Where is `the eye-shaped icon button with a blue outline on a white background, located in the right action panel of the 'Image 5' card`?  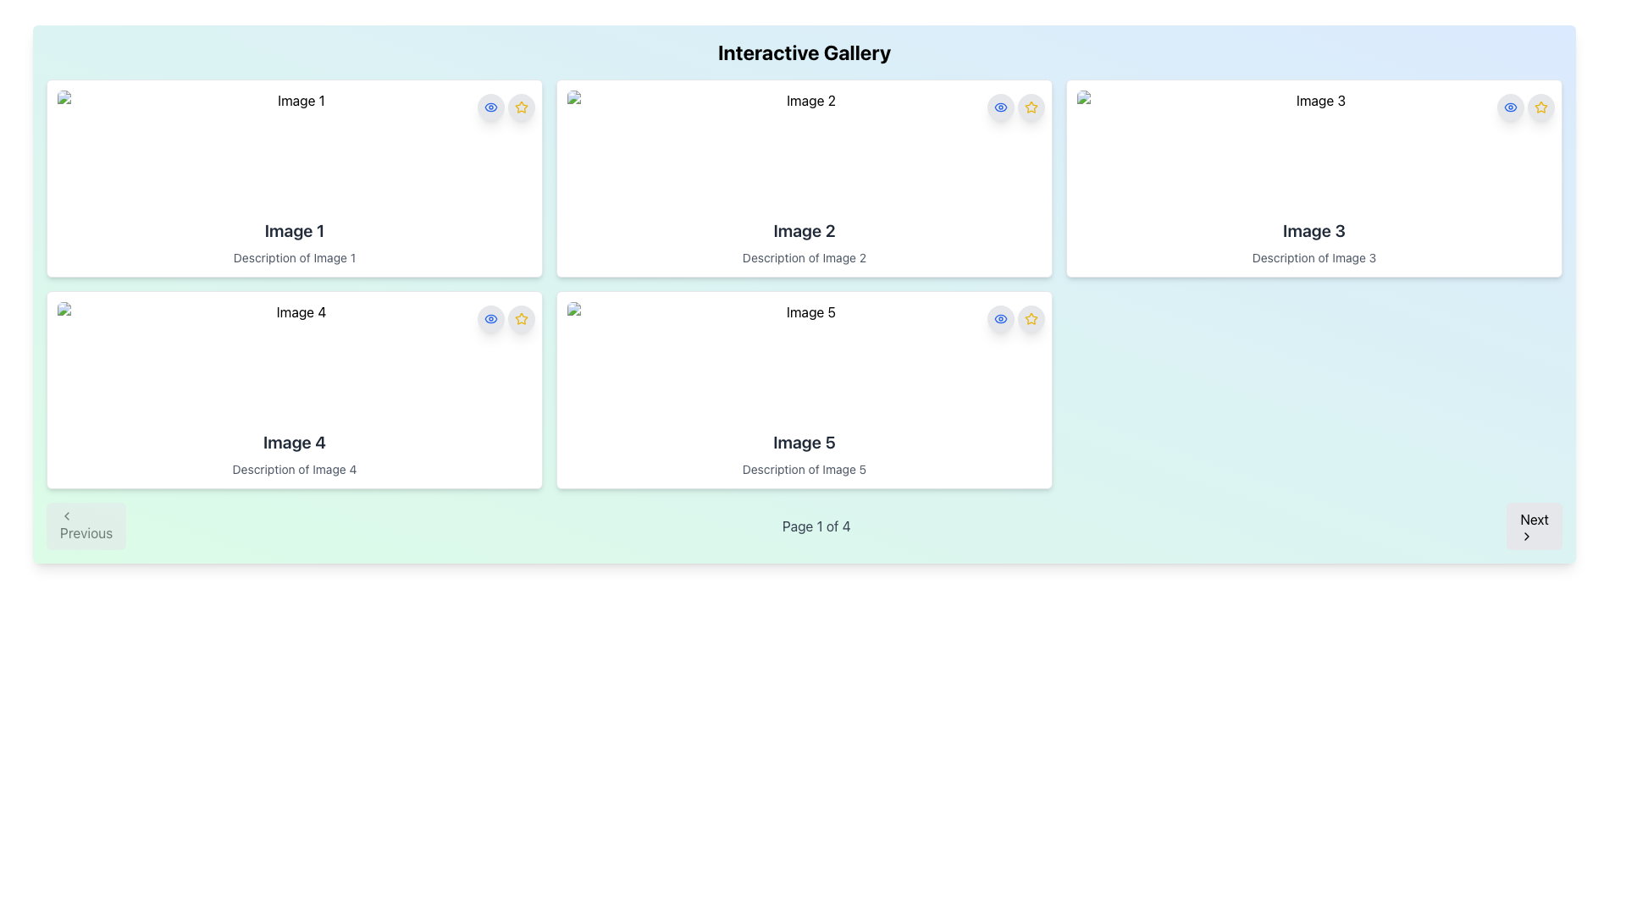
the eye-shaped icon button with a blue outline on a white background, located in the right action panel of the 'Image 5' card is located at coordinates (1000, 319).